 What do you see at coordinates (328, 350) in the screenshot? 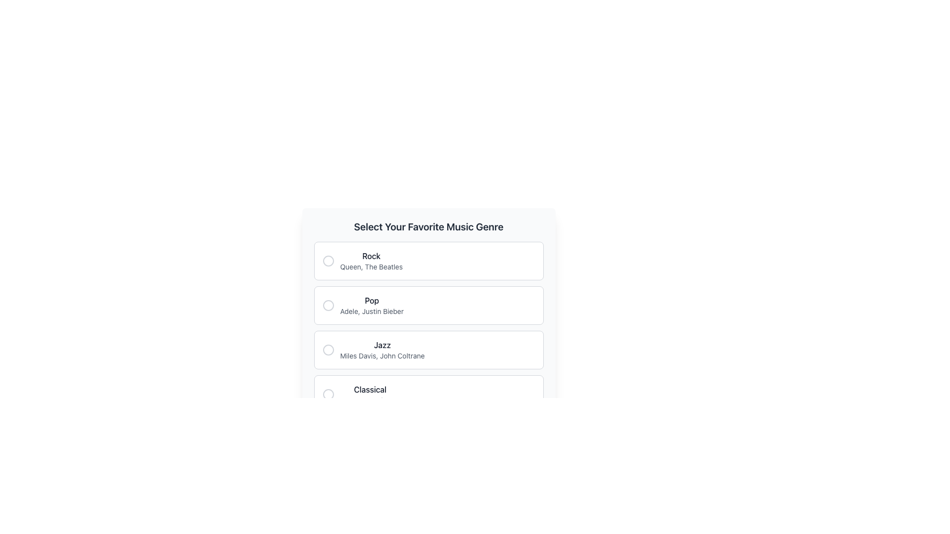
I see `the radio button for the 'Jazz' music genre` at bounding box center [328, 350].